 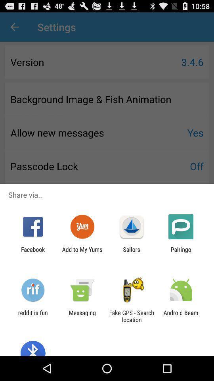 What do you see at coordinates (82, 252) in the screenshot?
I see `add to my icon` at bounding box center [82, 252].